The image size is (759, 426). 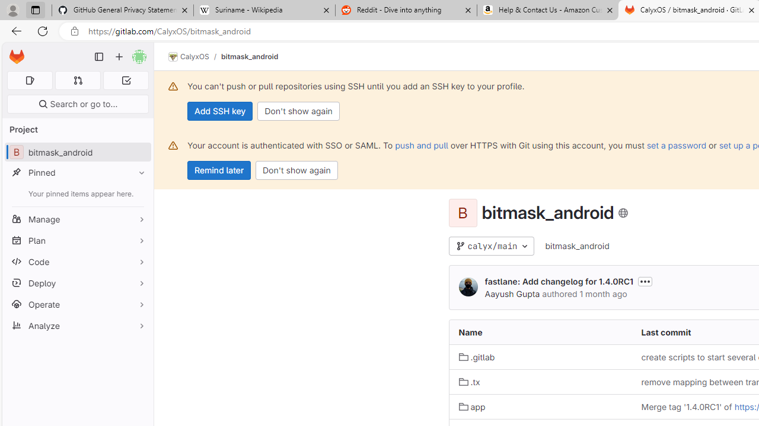 I want to click on 'calyx/main', so click(x=491, y=246).